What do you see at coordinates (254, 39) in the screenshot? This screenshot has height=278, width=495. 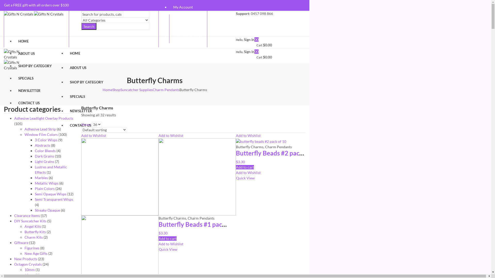 I see `'0'` at bounding box center [254, 39].